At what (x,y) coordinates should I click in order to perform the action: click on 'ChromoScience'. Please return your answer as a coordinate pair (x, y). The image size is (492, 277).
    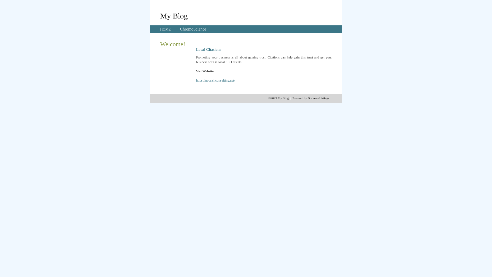
    Looking at the image, I should click on (180, 29).